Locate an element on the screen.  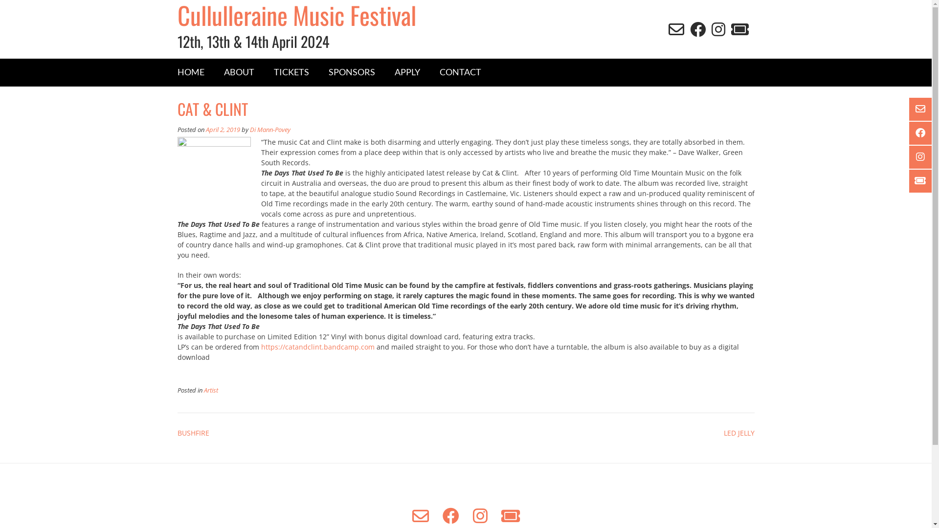
'Artist' is located at coordinates (210, 390).